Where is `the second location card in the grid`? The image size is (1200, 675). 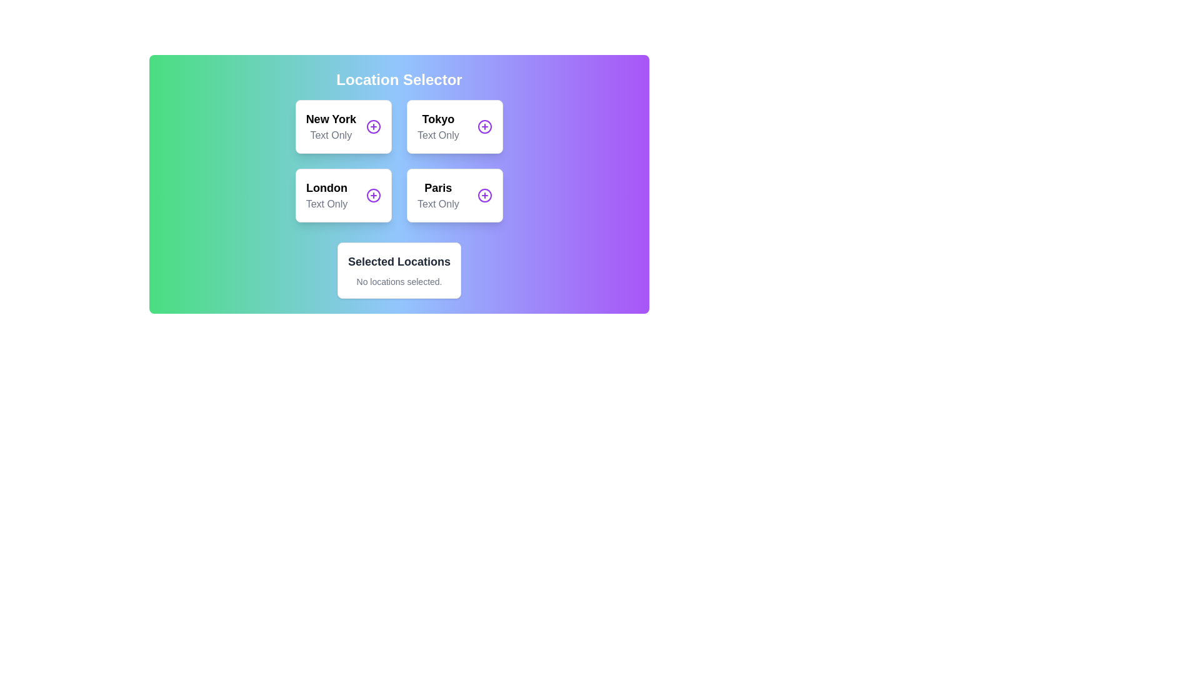
the second location card in the grid is located at coordinates (454, 127).